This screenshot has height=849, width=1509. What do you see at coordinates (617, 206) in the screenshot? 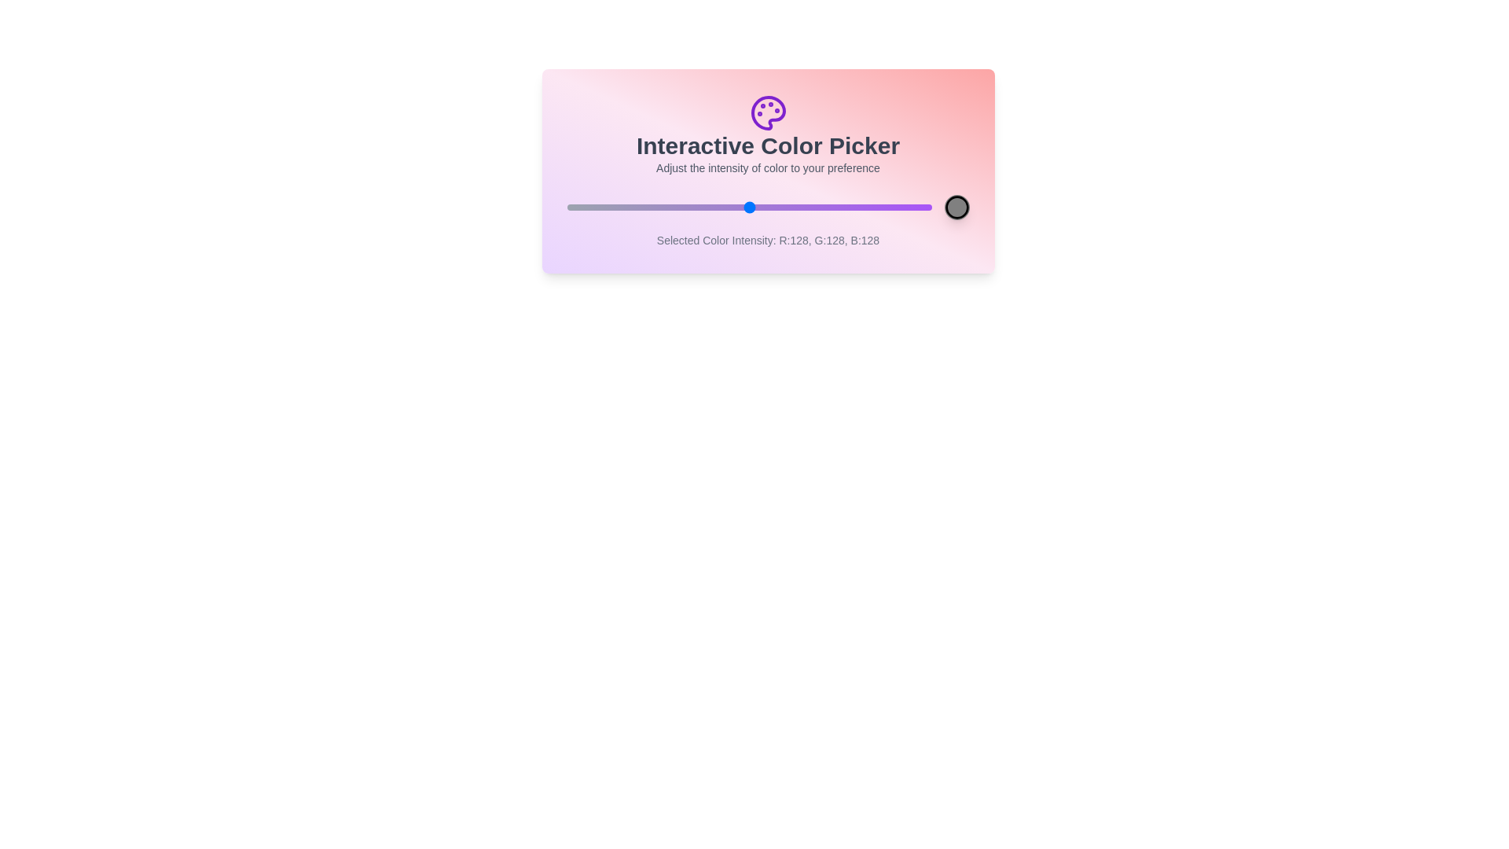
I see `the slider to set the color intensity to 36` at bounding box center [617, 206].